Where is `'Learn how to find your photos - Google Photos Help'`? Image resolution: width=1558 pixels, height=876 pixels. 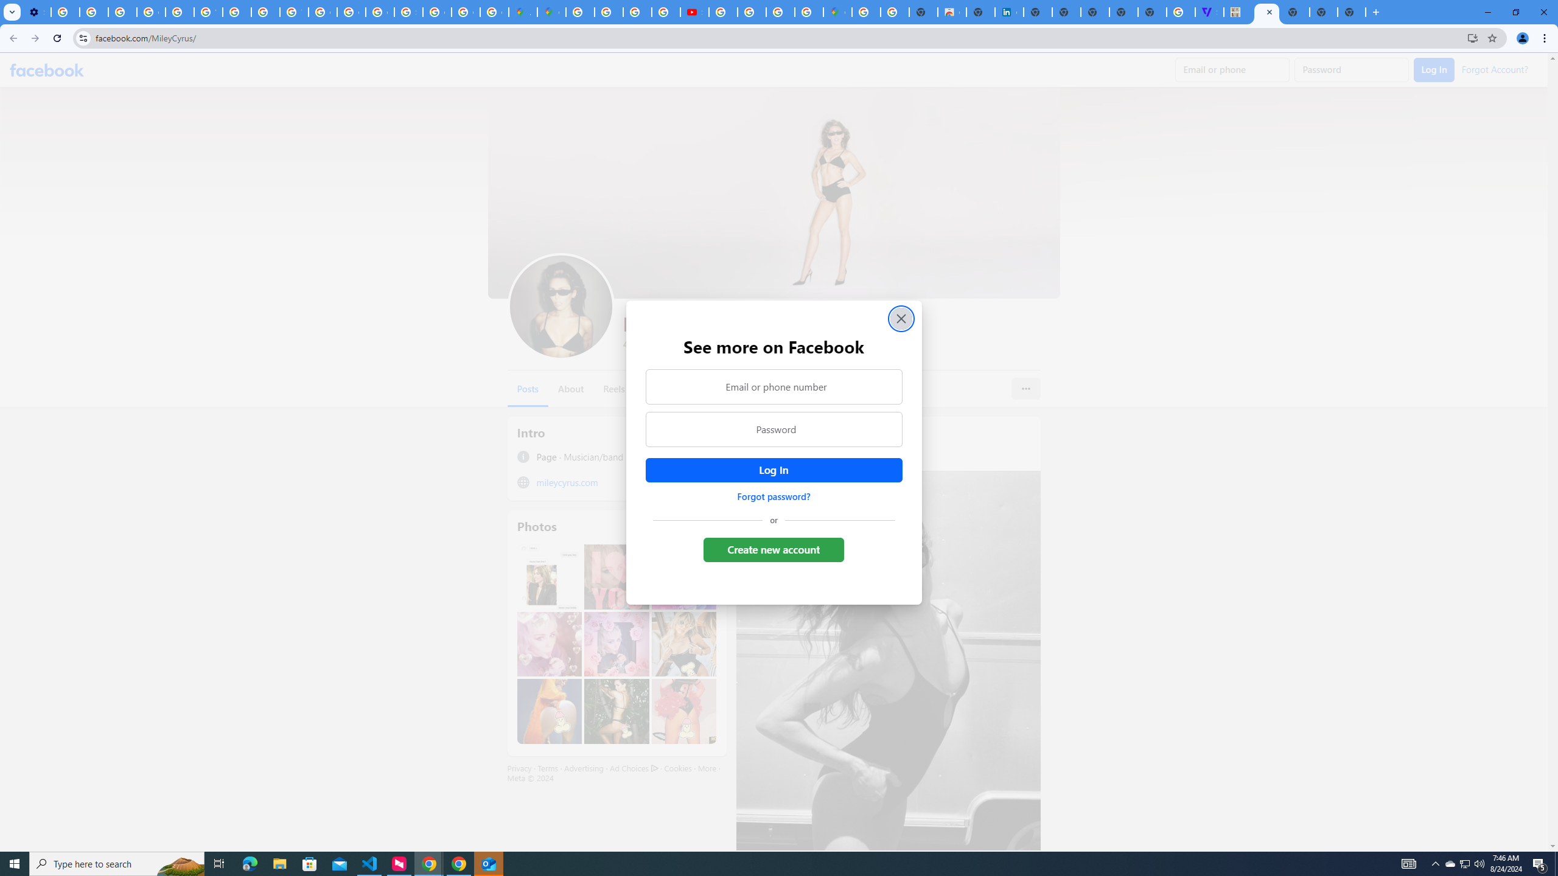 'Learn how to find your photos - Google Photos Help' is located at coordinates (94, 12).